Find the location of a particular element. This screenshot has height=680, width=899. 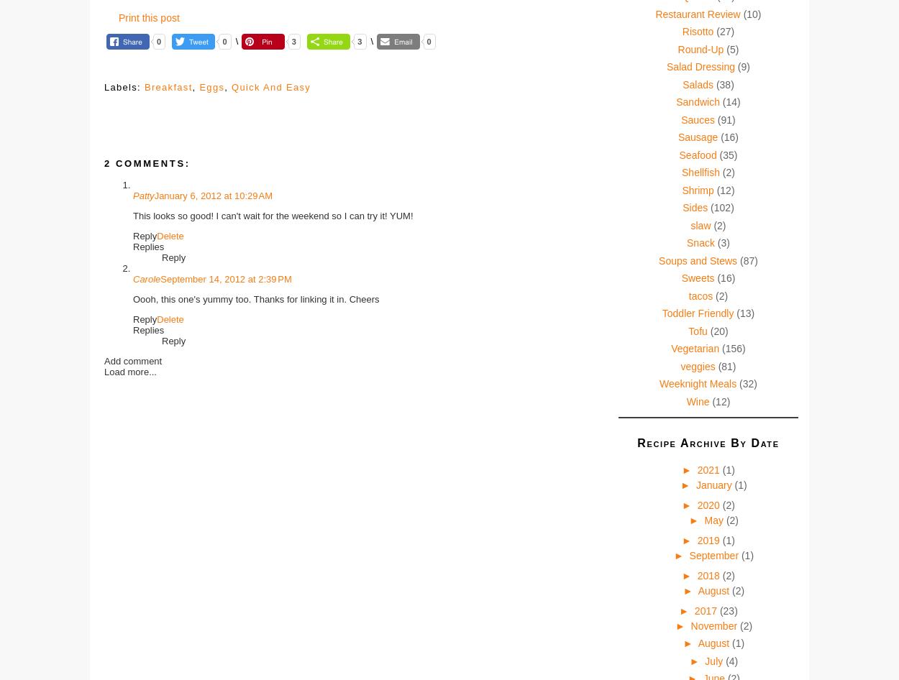

'Load more...' is located at coordinates (130, 372).